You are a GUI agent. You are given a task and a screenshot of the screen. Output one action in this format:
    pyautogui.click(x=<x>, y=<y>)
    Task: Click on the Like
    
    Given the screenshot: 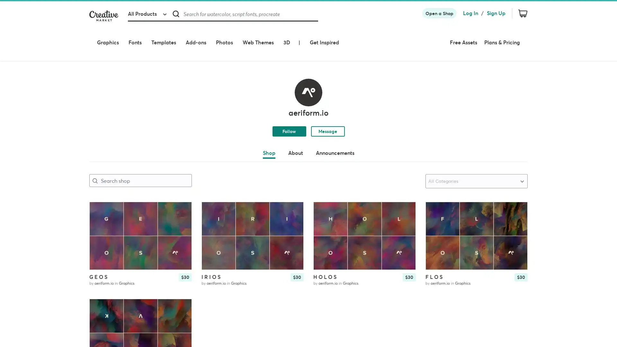 What is the action you would take?
    pyautogui.click(x=181, y=286)
    